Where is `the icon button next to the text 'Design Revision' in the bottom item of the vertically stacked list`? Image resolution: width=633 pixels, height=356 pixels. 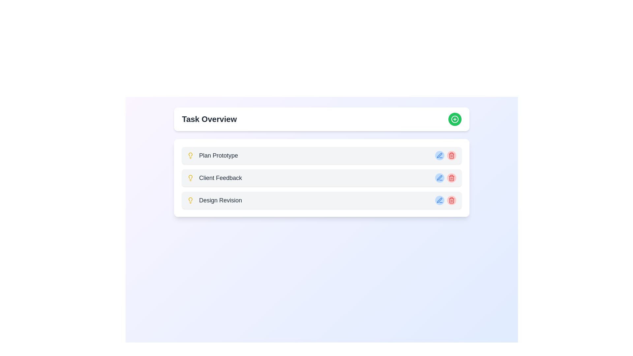 the icon button next to the text 'Design Revision' in the bottom item of the vertically stacked list is located at coordinates (440, 200).